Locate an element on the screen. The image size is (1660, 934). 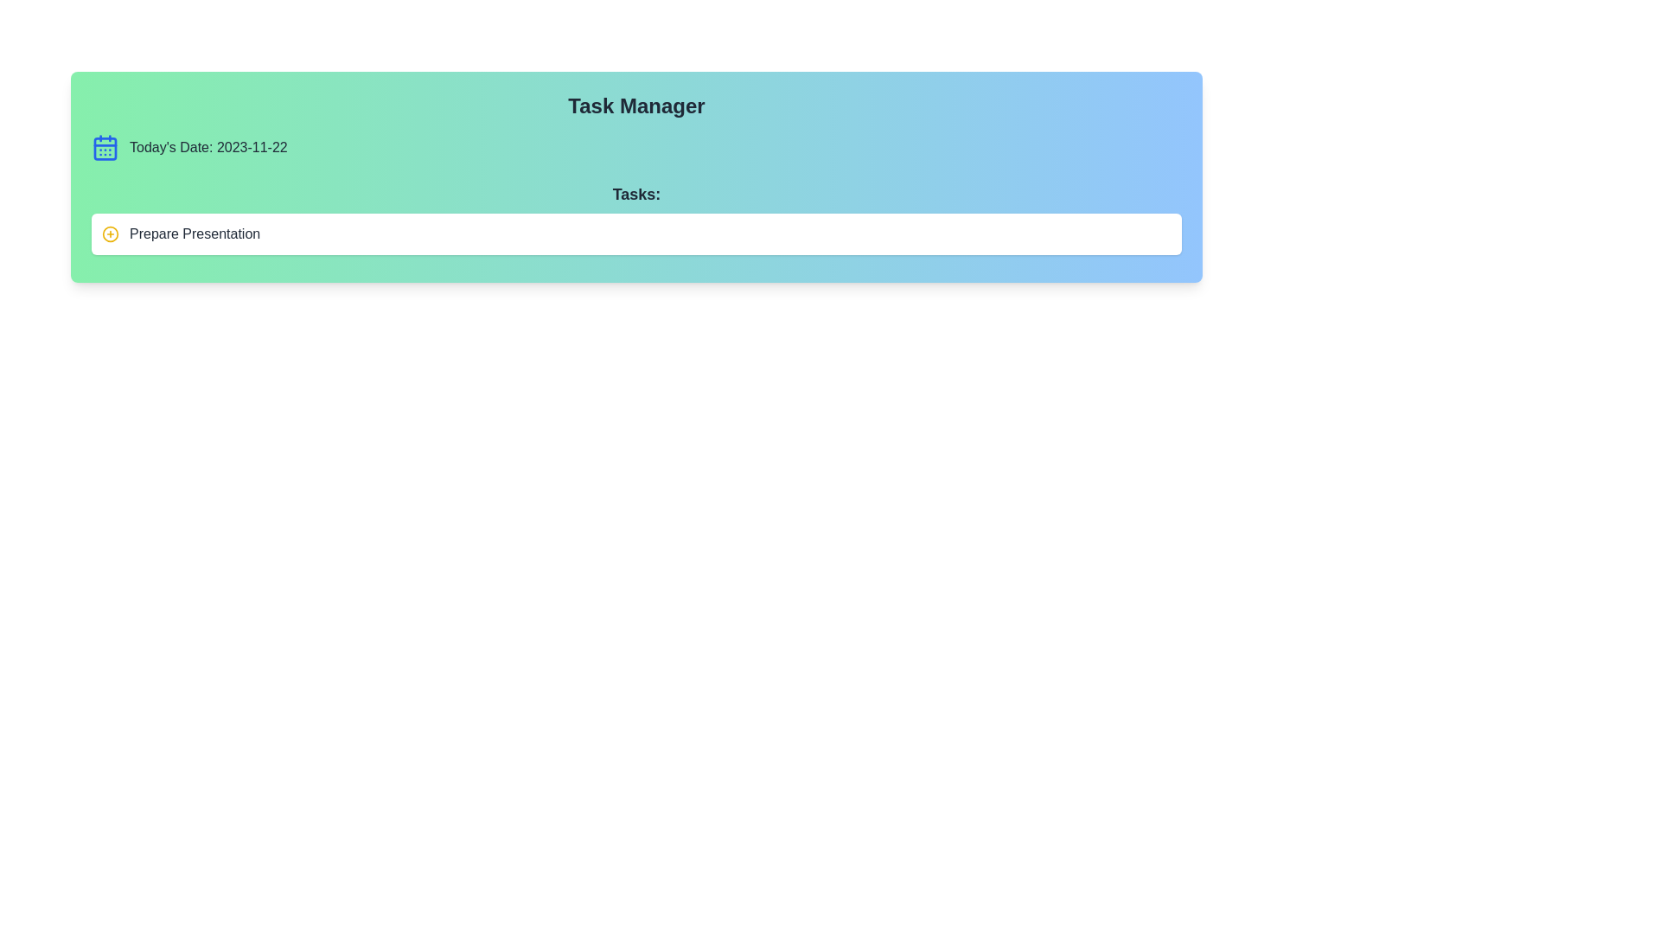
on the bold, large-sized 'Task Manager' header text at the top of the interface is located at coordinates (635, 106).